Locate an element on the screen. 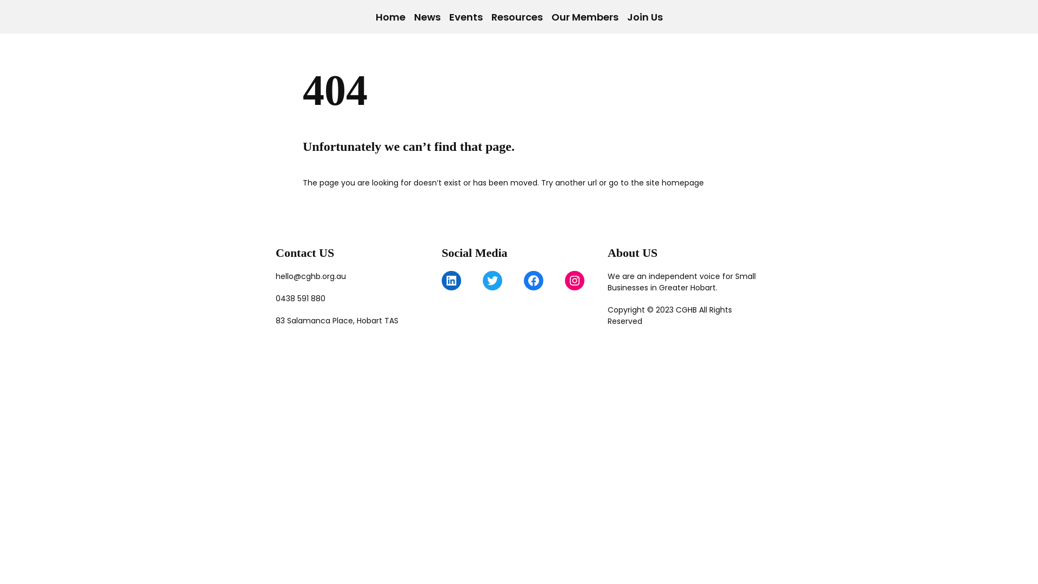  'LinkedIn' is located at coordinates (451, 280).